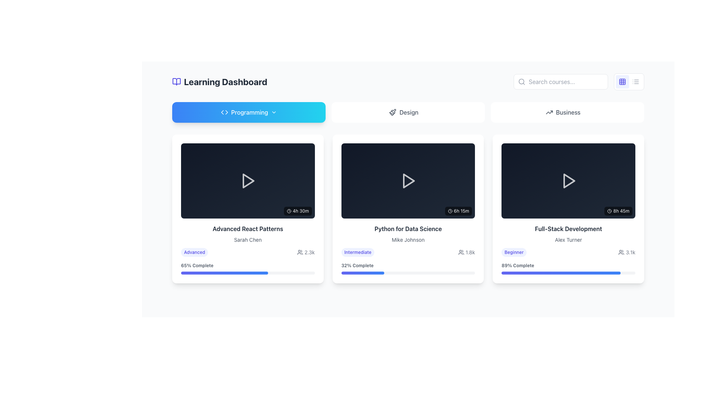 This screenshot has height=398, width=708. What do you see at coordinates (248, 268) in the screenshot?
I see `the Progress Indicator located at the bottom of the card labeled 'Advanced React Patterns', which indicates that 65% of the task is complete` at bounding box center [248, 268].